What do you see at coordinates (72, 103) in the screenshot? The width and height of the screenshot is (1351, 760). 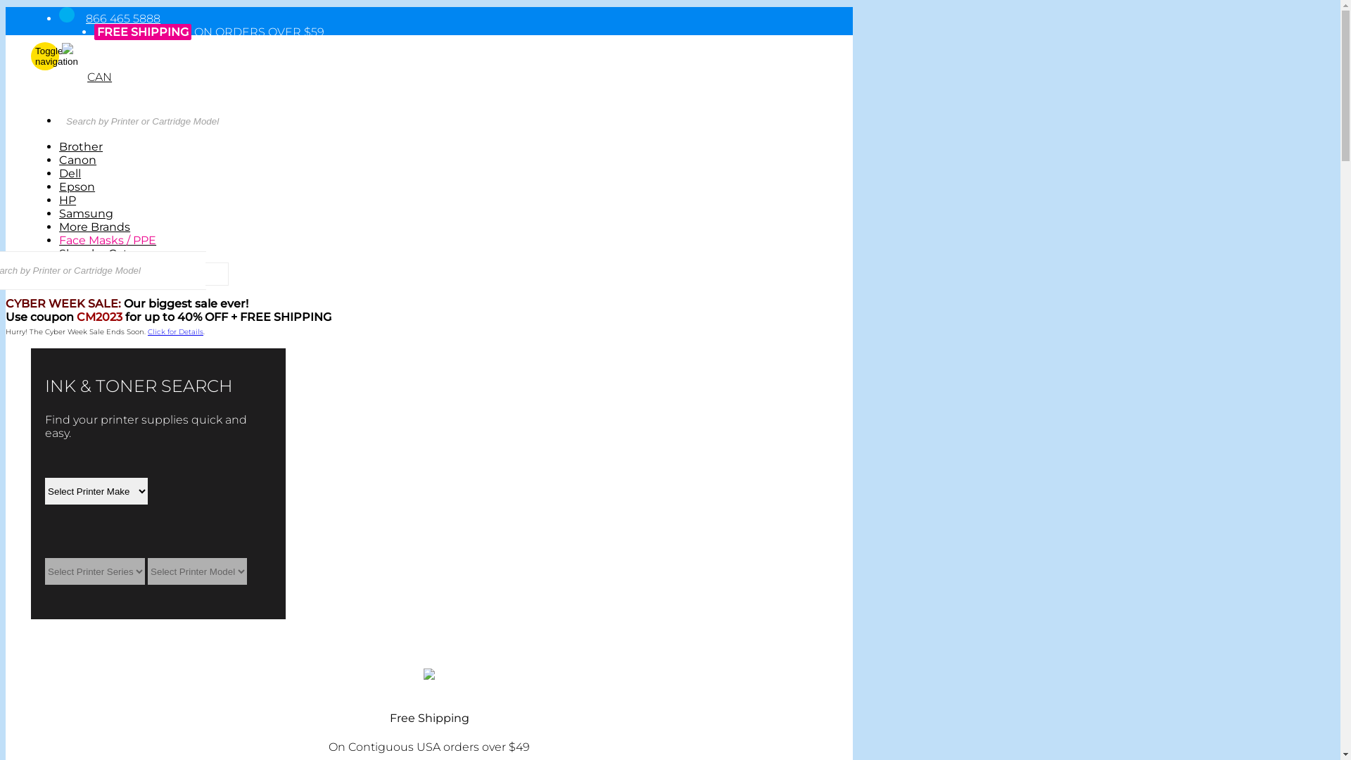 I see `'  Cart'` at bounding box center [72, 103].